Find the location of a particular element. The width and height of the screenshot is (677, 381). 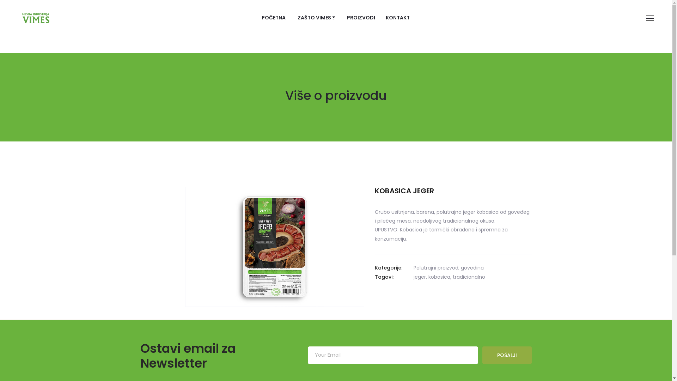

'tradicionalno' is located at coordinates (452, 277).